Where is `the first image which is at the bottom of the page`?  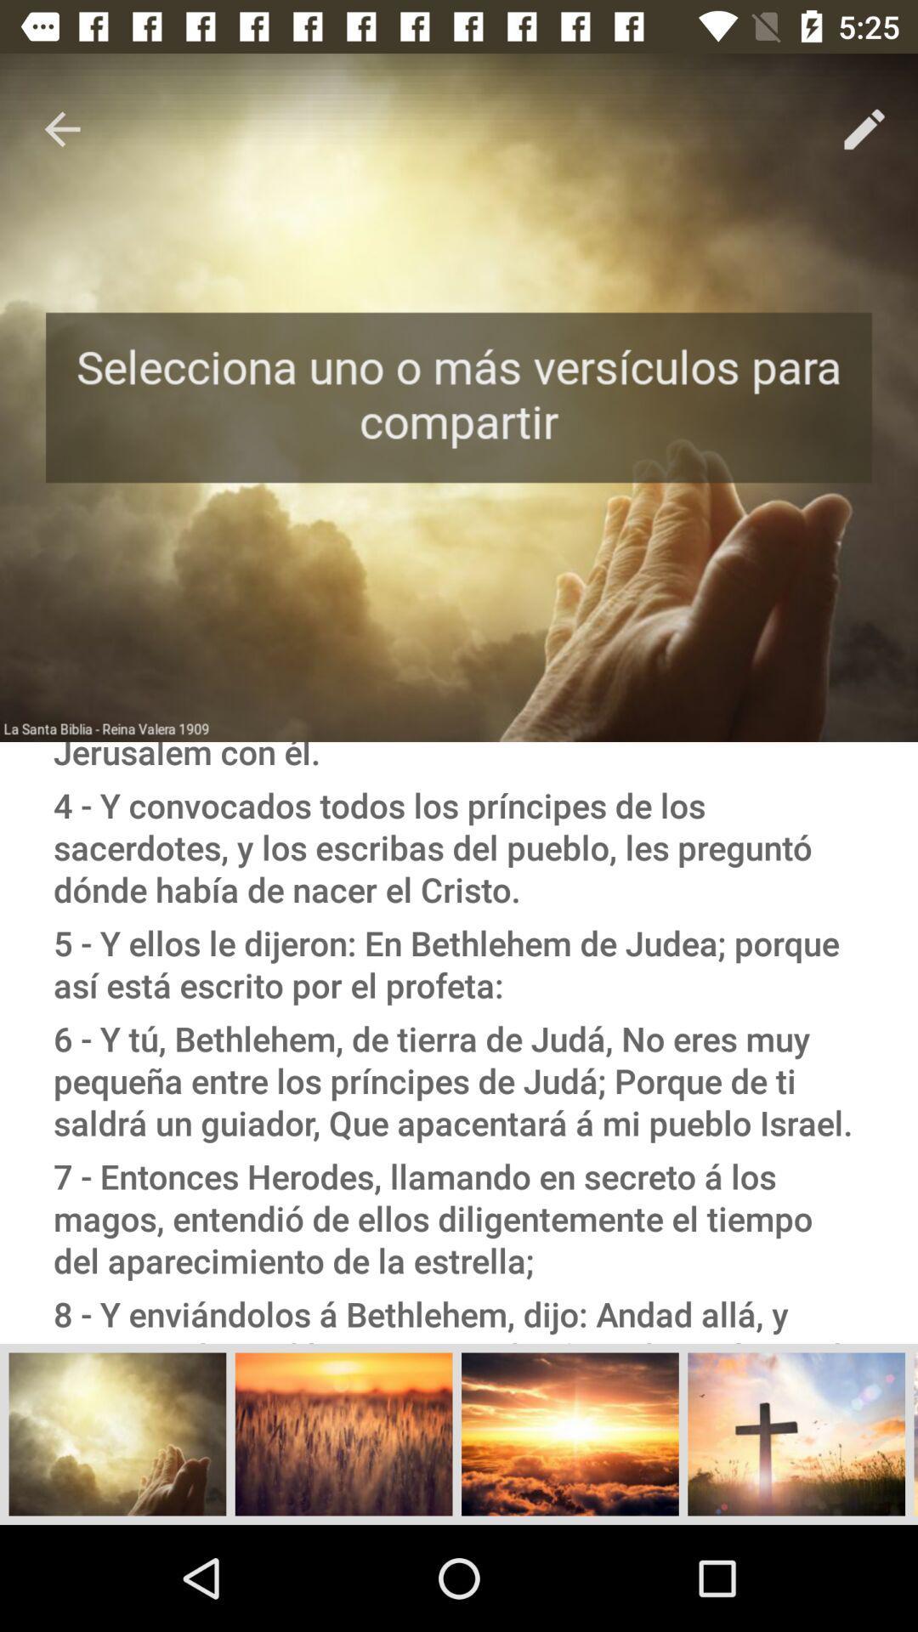 the first image which is at the bottom of the page is located at coordinates (116, 1434).